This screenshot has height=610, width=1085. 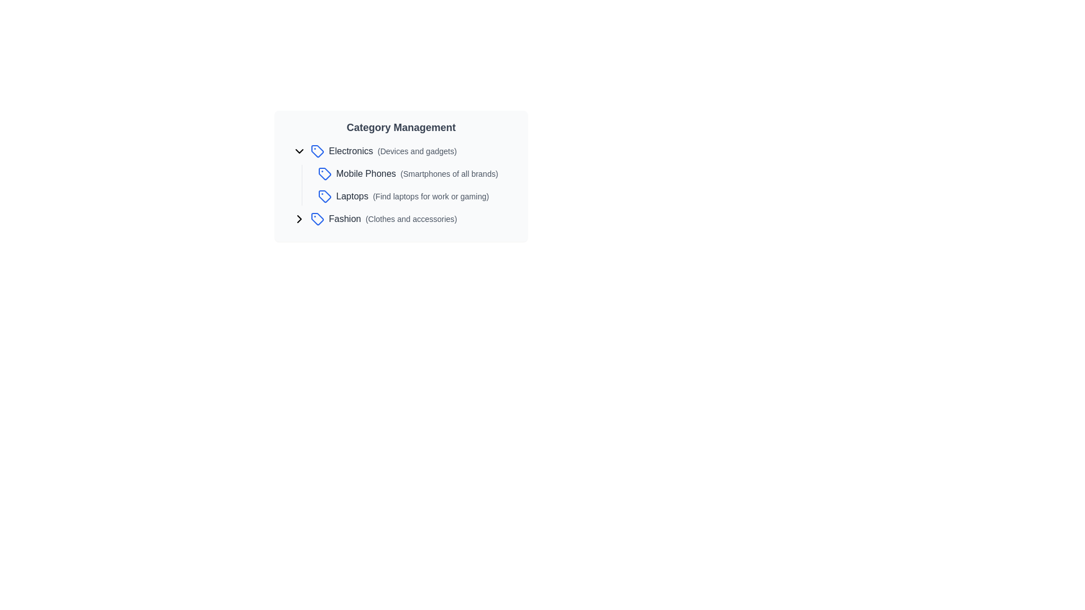 I want to click on the 'Electronics (Devices and gadgets)' category icon located to the left of the item text in the 'Category Management' list, so click(x=316, y=150).